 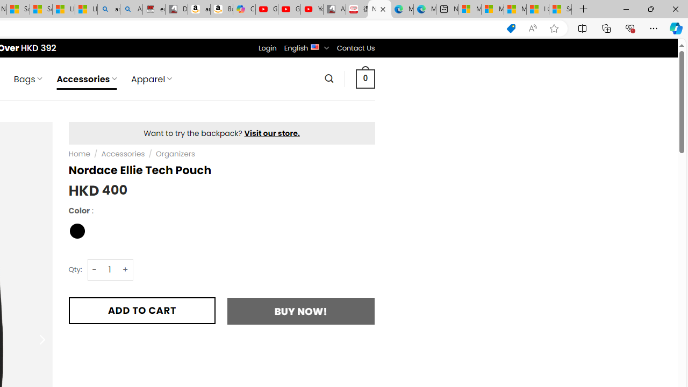 I want to click on 'Organizers', so click(x=175, y=154).